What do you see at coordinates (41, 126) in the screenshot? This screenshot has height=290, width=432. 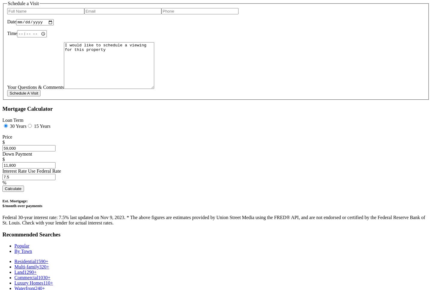 I see `'15 Years'` at bounding box center [41, 126].